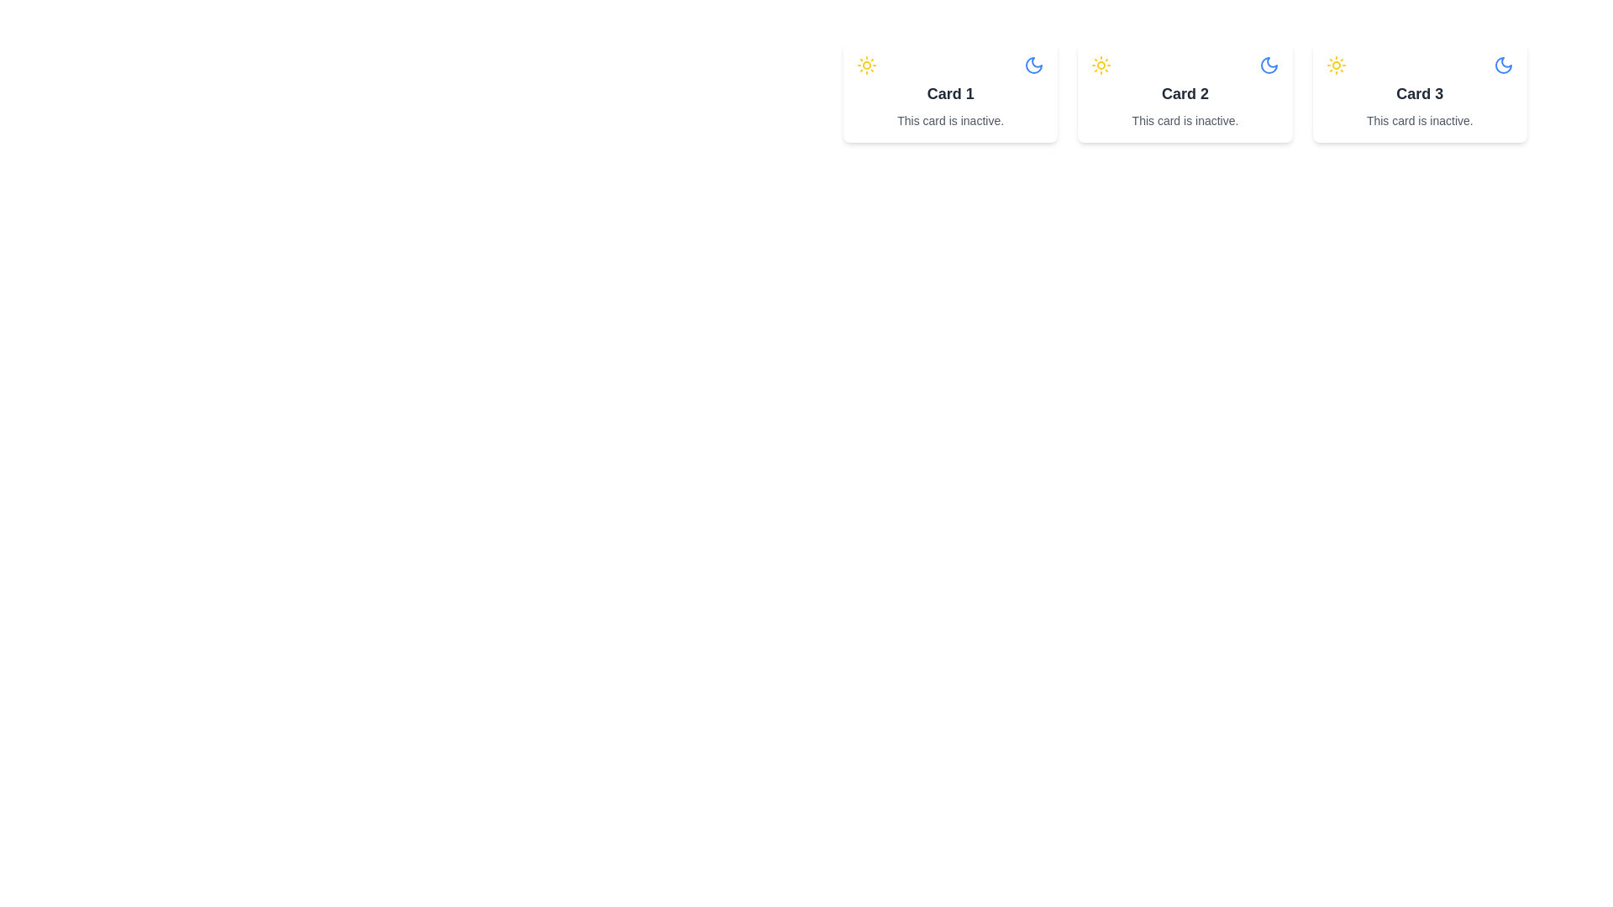  Describe the element at coordinates (1185, 92) in the screenshot. I see `the 'Card 2' component, which is the second card in a row of three cards for information display` at that location.